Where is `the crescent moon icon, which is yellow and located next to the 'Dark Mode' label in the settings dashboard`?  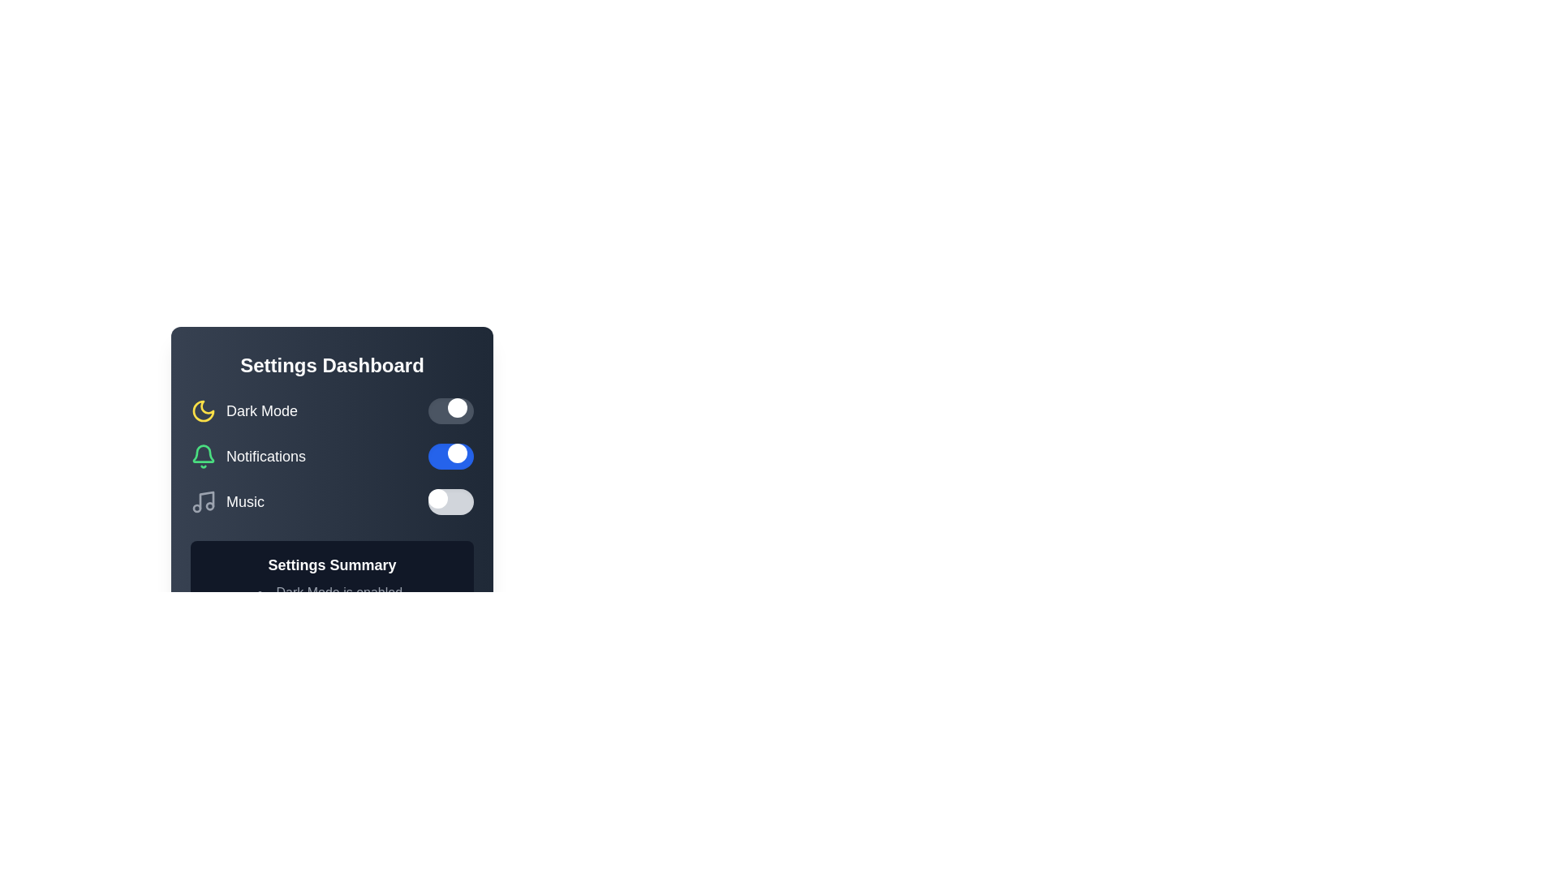 the crescent moon icon, which is yellow and located next to the 'Dark Mode' label in the settings dashboard is located at coordinates (202, 410).